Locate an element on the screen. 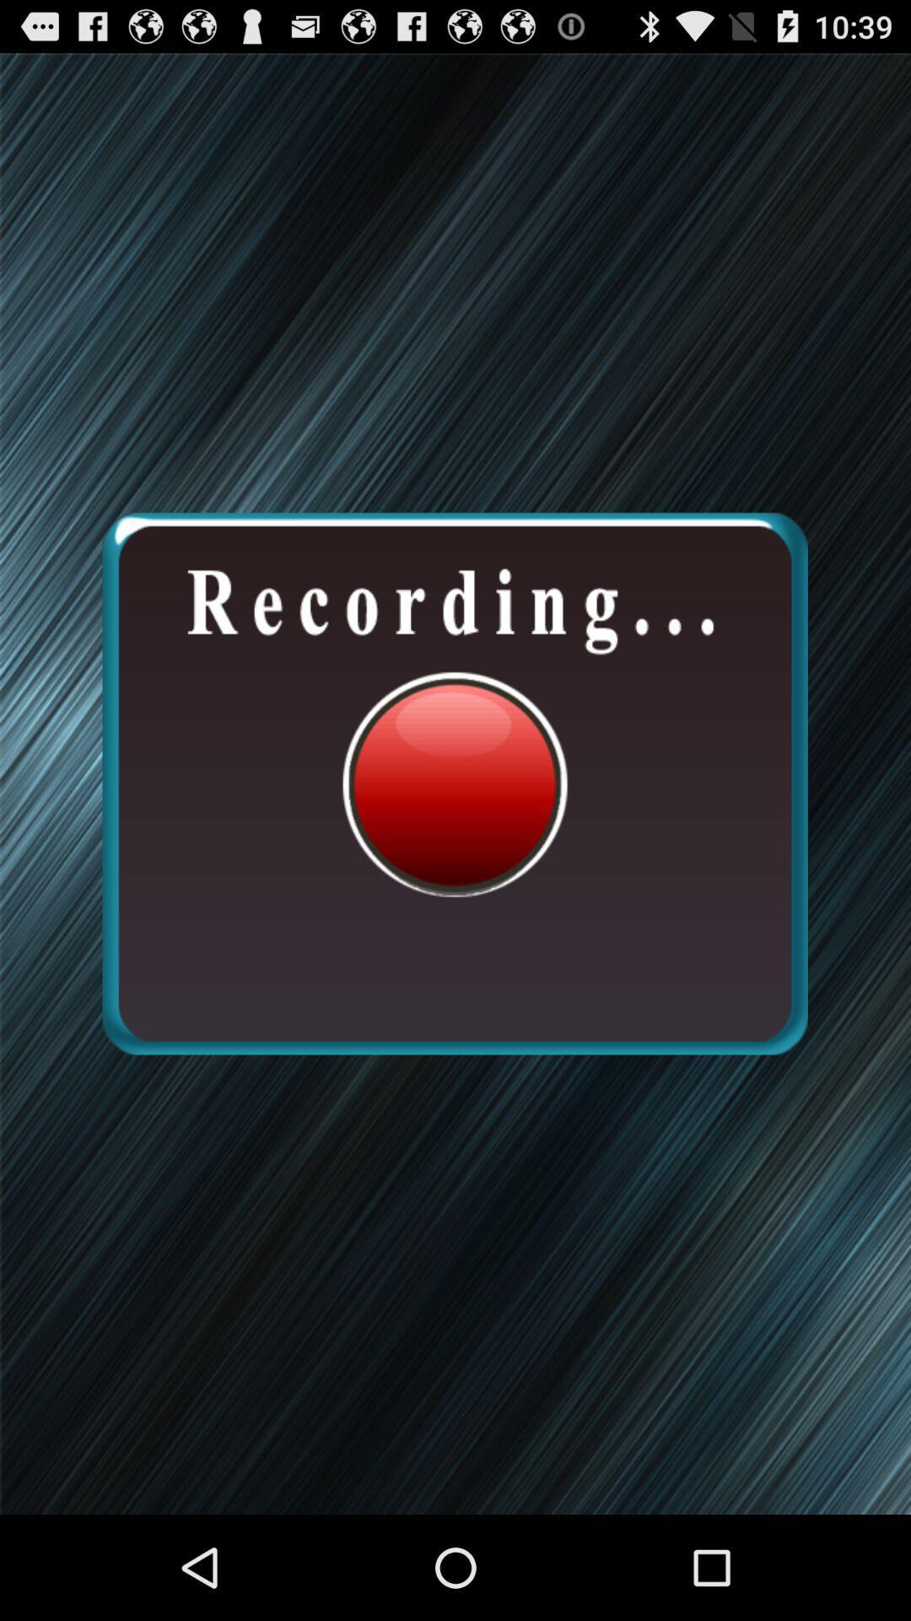 The width and height of the screenshot is (911, 1621). the icon at the center is located at coordinates (454, 783).